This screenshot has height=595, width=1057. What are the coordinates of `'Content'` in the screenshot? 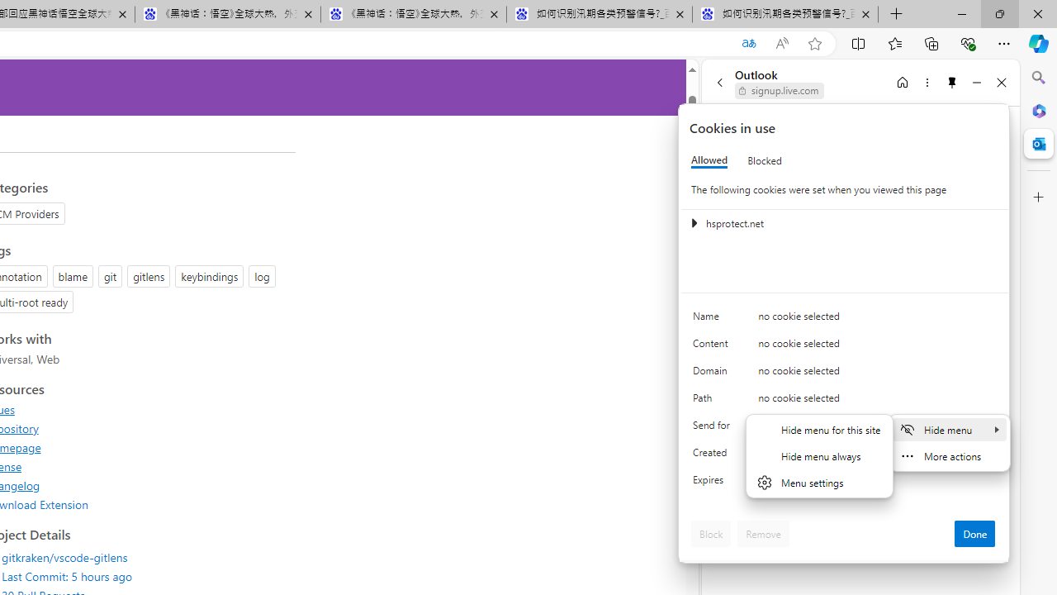 It's located at (714, 346).